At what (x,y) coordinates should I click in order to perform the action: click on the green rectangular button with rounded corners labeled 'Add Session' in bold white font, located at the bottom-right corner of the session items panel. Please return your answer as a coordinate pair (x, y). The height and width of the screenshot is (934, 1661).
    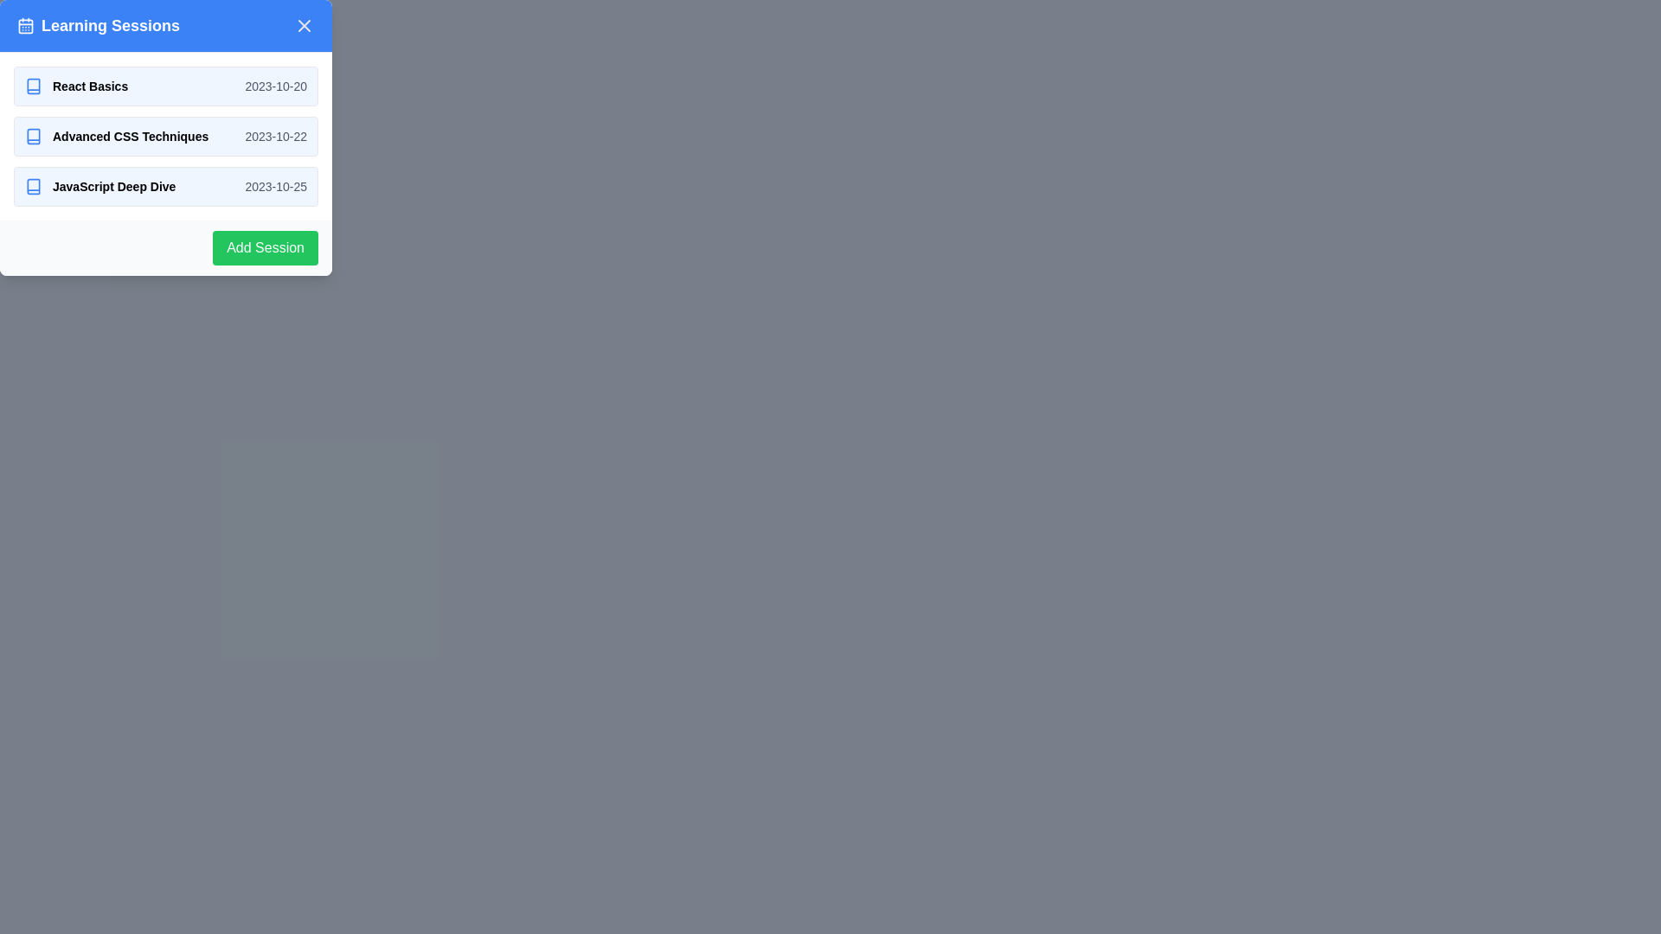
    Looking at the image, I should click on (265, 247).